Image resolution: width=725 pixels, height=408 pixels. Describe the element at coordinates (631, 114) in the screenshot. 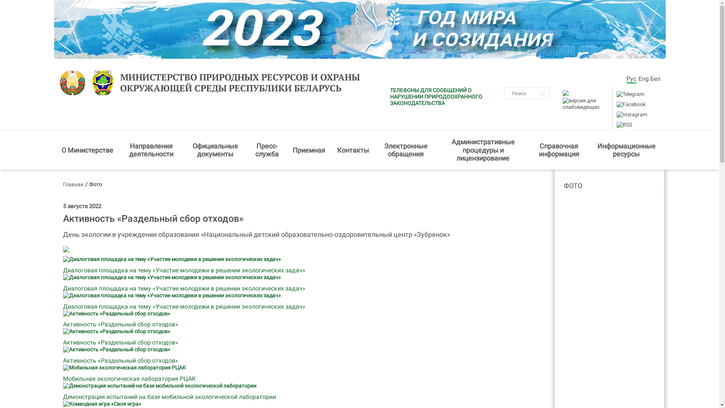

I see `'Instagram'` at that location.